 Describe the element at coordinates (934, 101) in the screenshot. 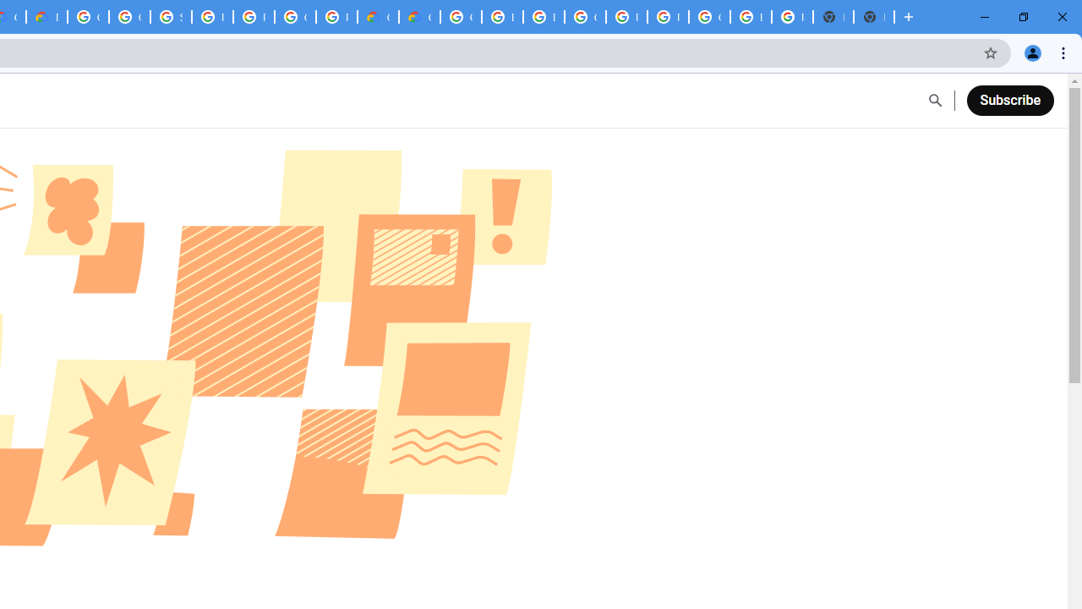

I see `'Open Search'` at that location.